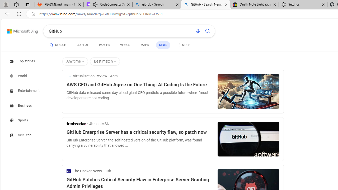 This screenshot has height=190, width=338. Describe the element at coordinates (184, 45) in the screenshot. I see `'Dropdown Menu'` at that location.